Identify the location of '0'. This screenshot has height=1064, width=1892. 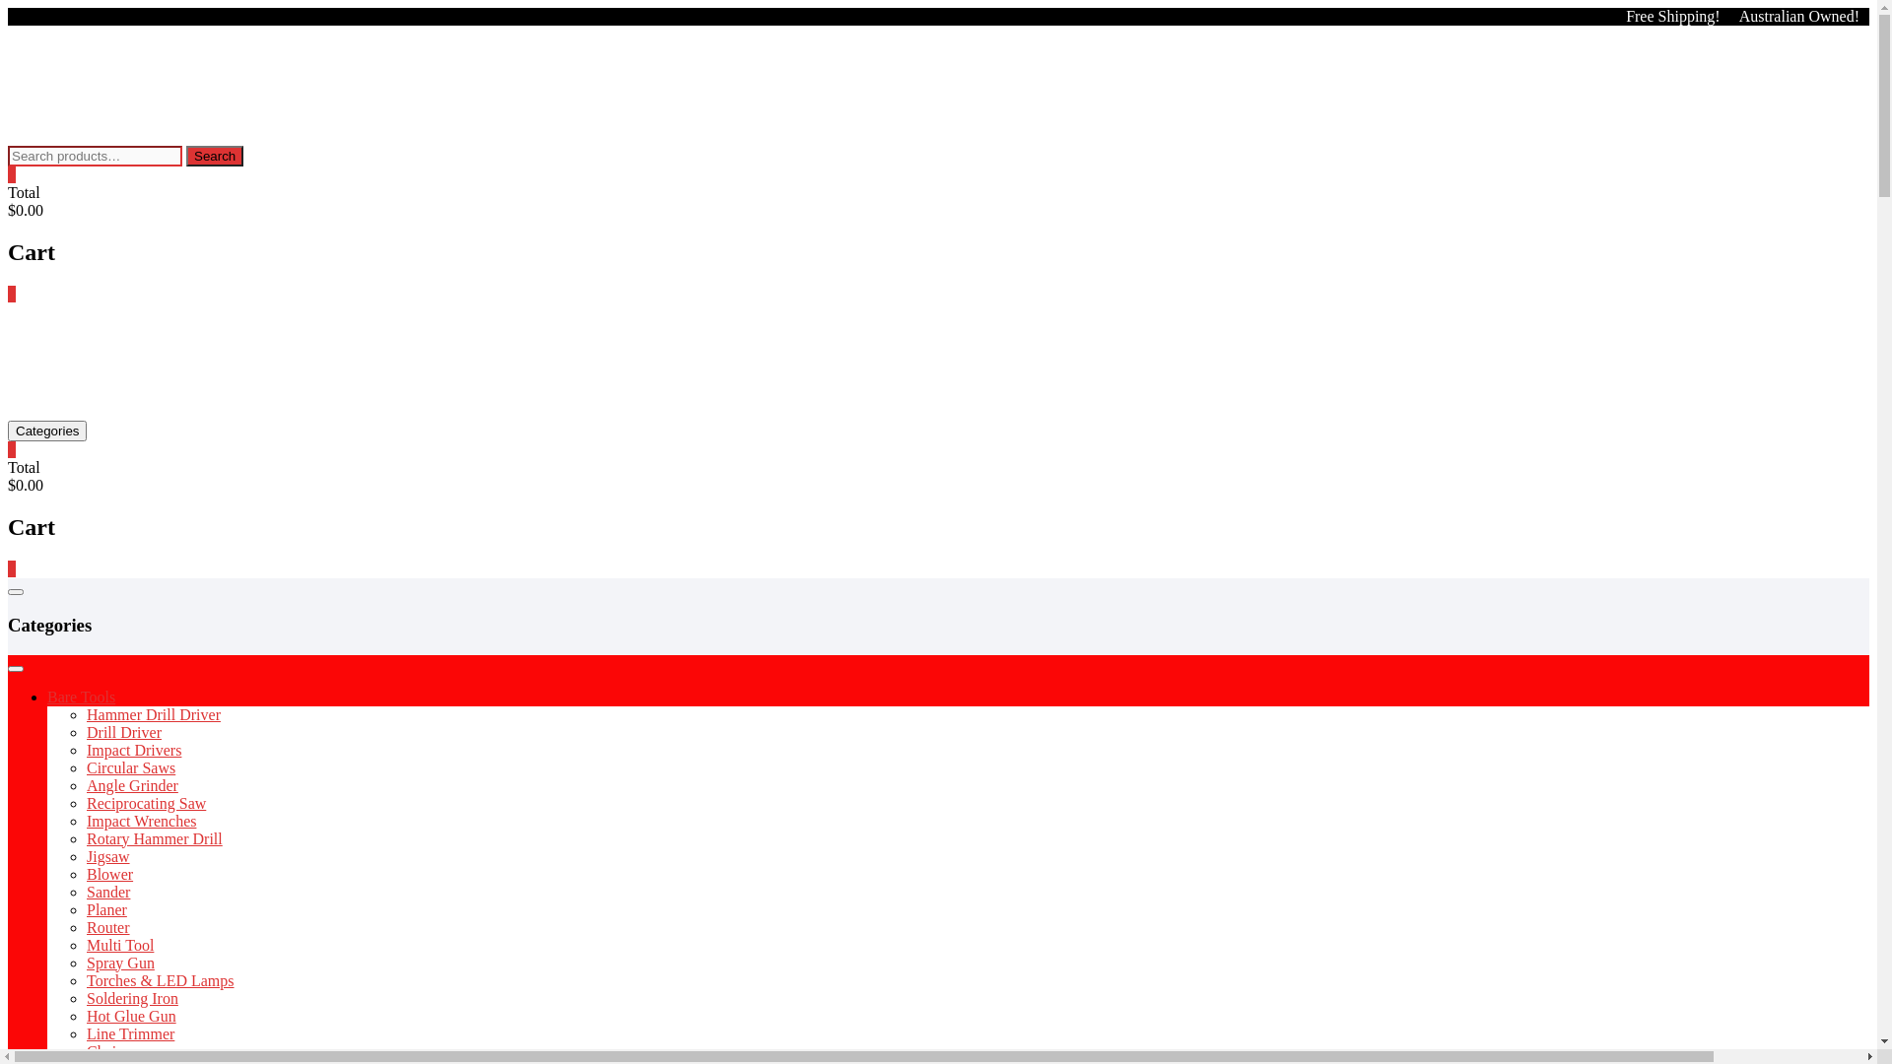
(12, 294).